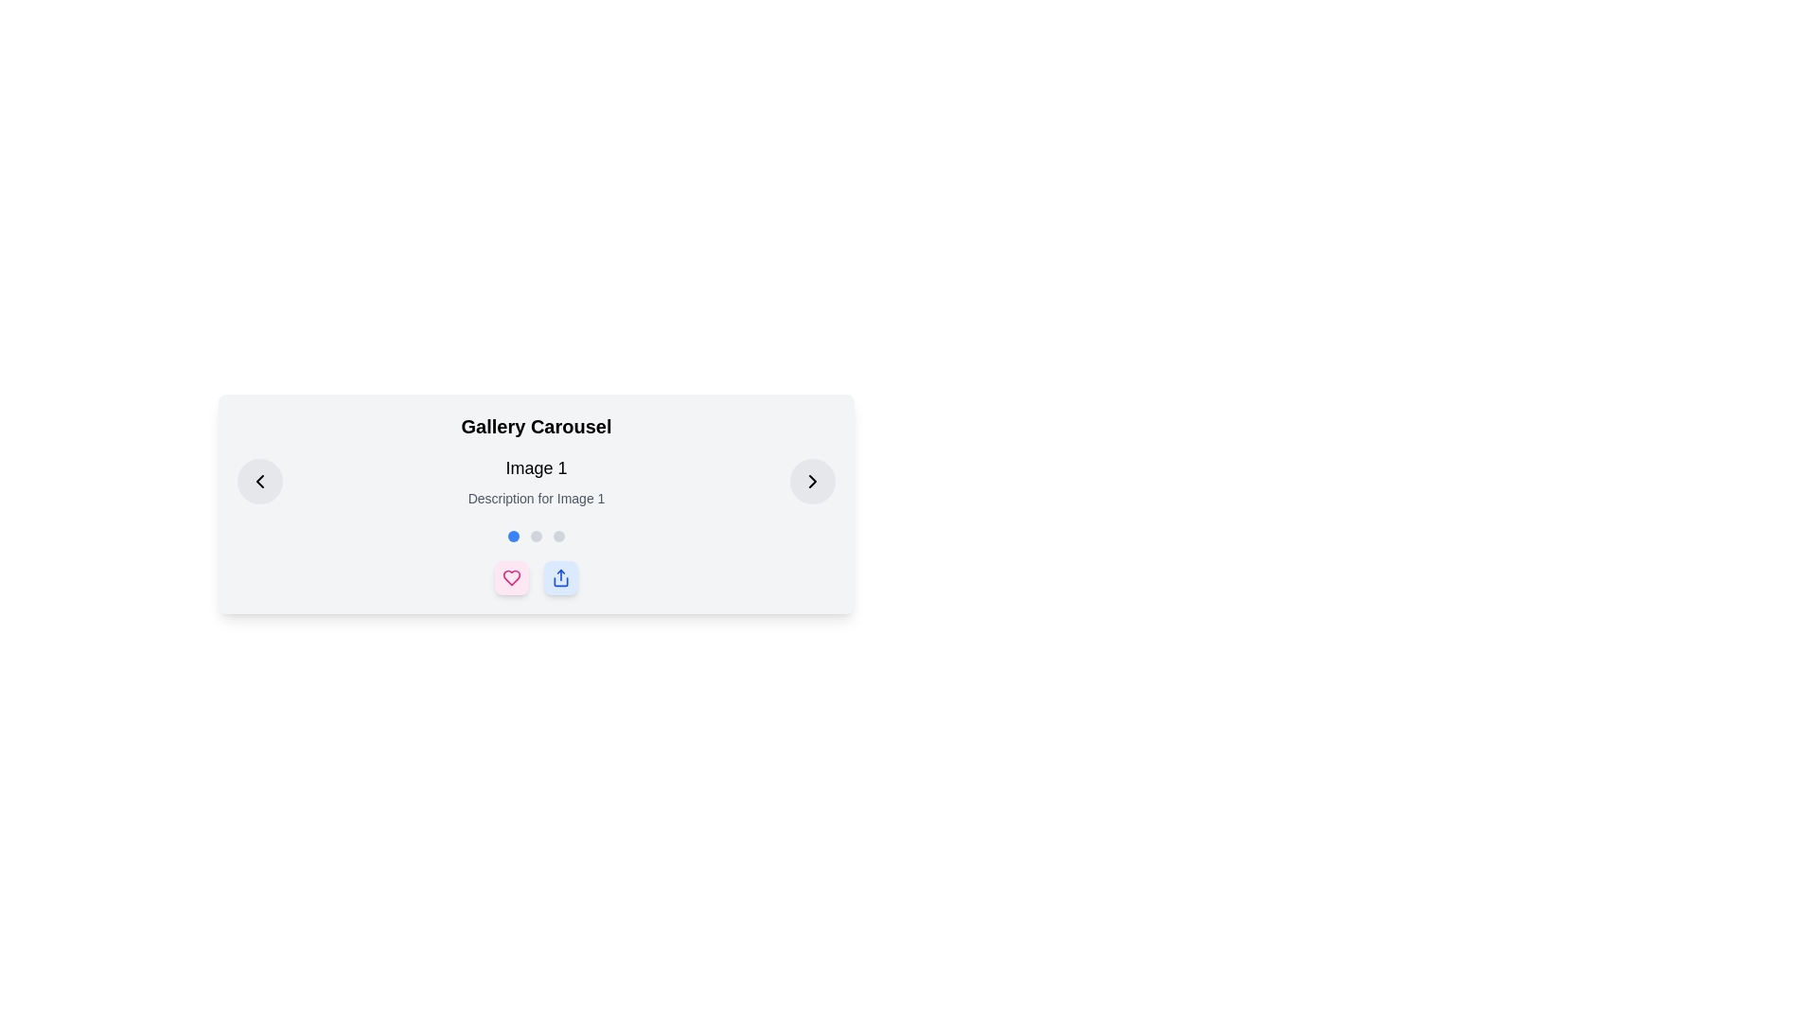 This screenshot has height=1022, width=1817. What do you see at coordinates (535, 467) in the screenshot?
I see `text content of the 'Image 1' text label, which is styled in a larger bold font and positioned above the 'Description for Image 1'` at bounding box center [535, 467].